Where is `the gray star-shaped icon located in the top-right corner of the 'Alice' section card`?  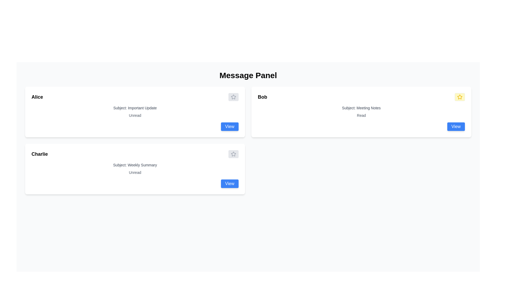
the gray star-shaped icon located in the top-right corner of the 'Alice' section card is located at coordinates (233, 97).